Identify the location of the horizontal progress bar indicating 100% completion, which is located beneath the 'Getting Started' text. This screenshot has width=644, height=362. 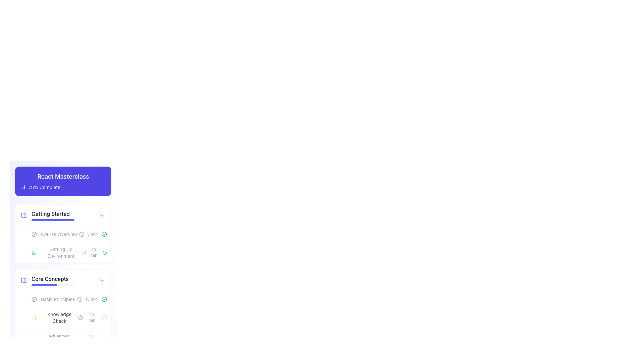
(53, 220).